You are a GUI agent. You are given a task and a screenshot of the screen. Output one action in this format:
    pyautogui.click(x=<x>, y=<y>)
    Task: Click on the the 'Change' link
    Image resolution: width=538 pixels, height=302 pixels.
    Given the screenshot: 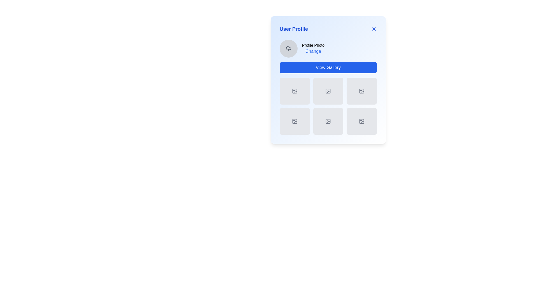 What is the action you would take?
    pyautogui.click(x=328, y=48)
    